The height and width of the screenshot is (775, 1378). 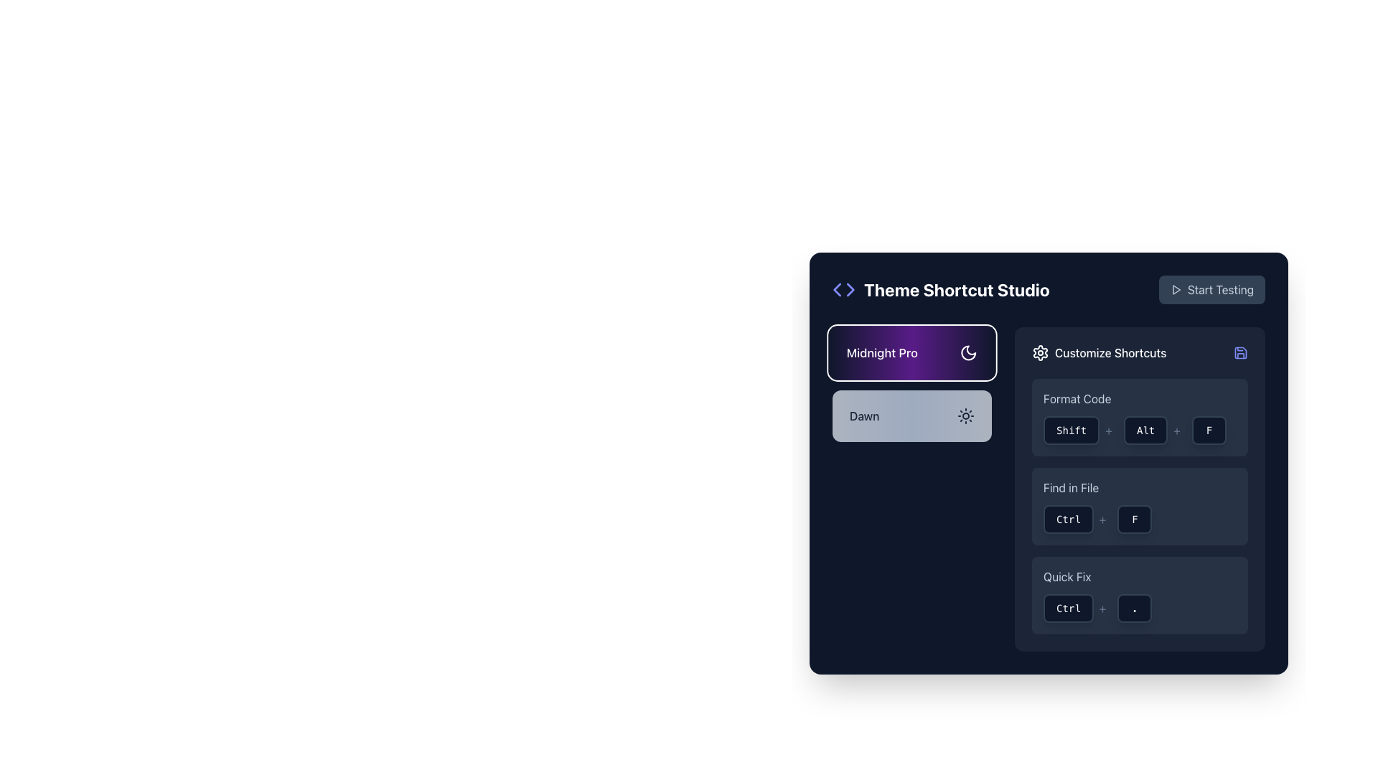 What do you see at coordinates (1071, 487) in the screenshot?
I see `the 'Find in File' text label, which is styled in slate grey and is positioned between 'Format Code' and 'Quick Fix' in the 'Customize Shortcuts' section` at bounding box center [1071, 487].